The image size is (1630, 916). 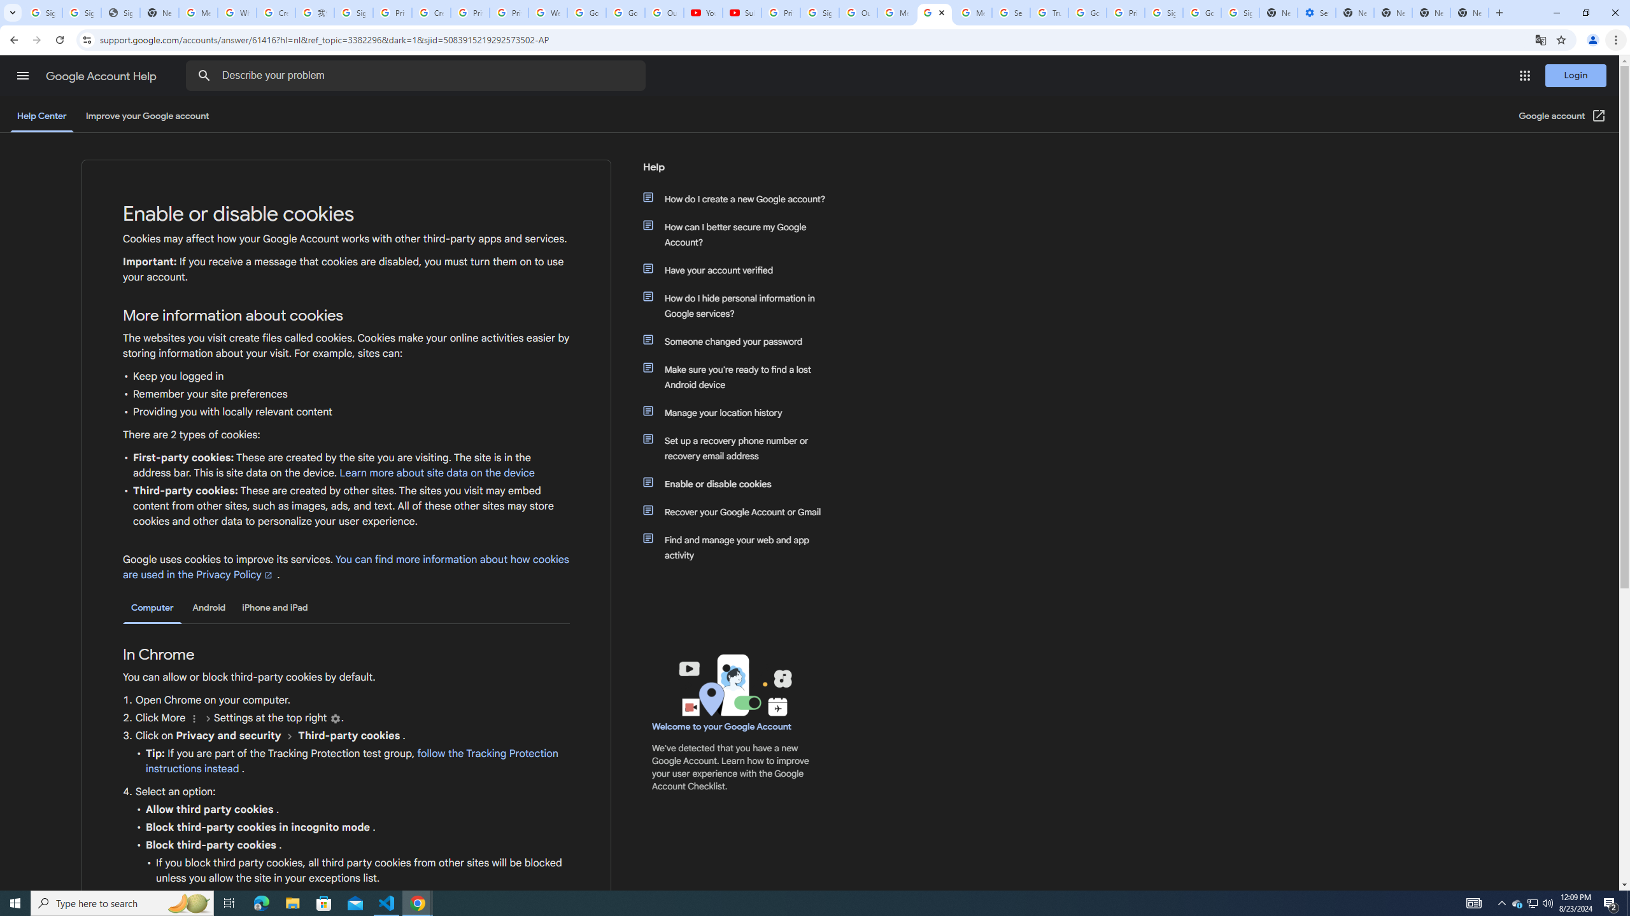 I want to click on 'iPhone and iPad', so click(x=274, y=607).